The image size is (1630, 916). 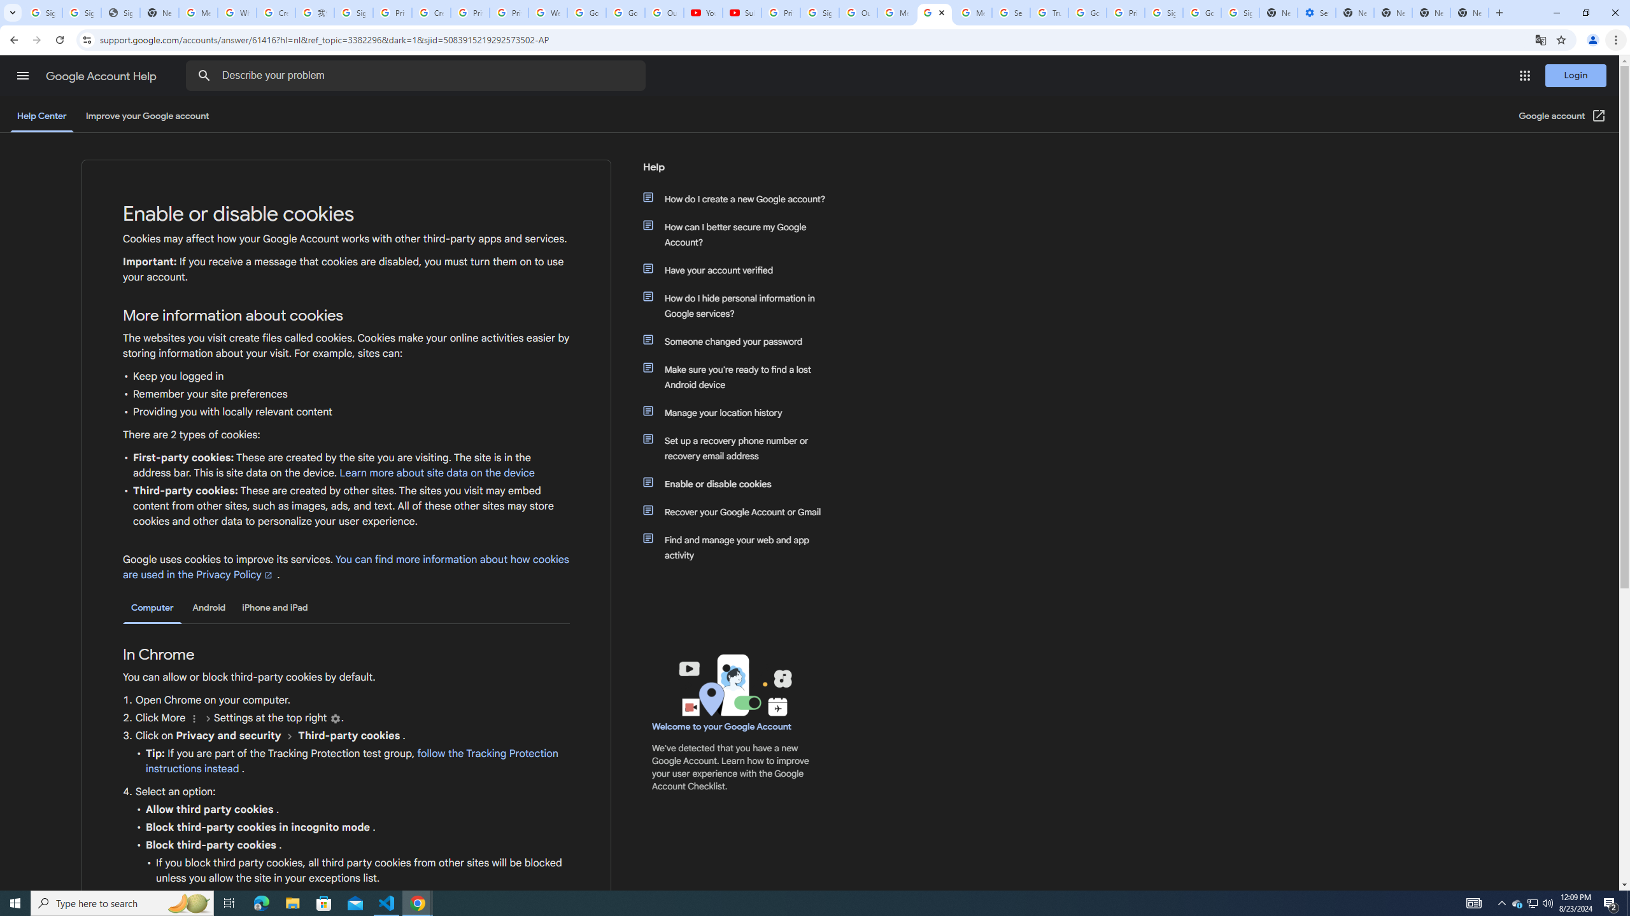 I want to click on 'iPhone and iPad', so click(x=274, y=607).